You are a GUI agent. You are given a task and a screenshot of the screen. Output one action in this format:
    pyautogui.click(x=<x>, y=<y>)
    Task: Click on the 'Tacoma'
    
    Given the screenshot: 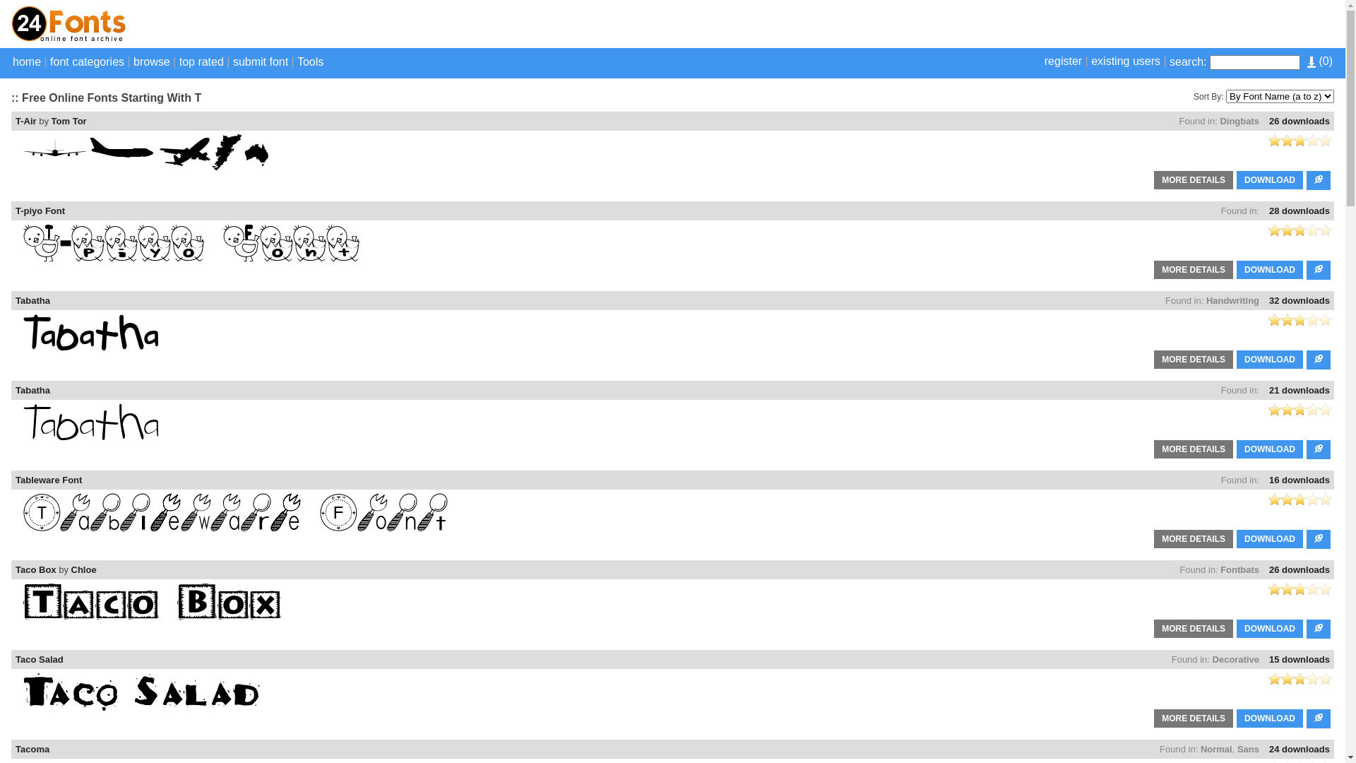 What is the action you would take?
    pyautogui.click(x=32, y=748)
    